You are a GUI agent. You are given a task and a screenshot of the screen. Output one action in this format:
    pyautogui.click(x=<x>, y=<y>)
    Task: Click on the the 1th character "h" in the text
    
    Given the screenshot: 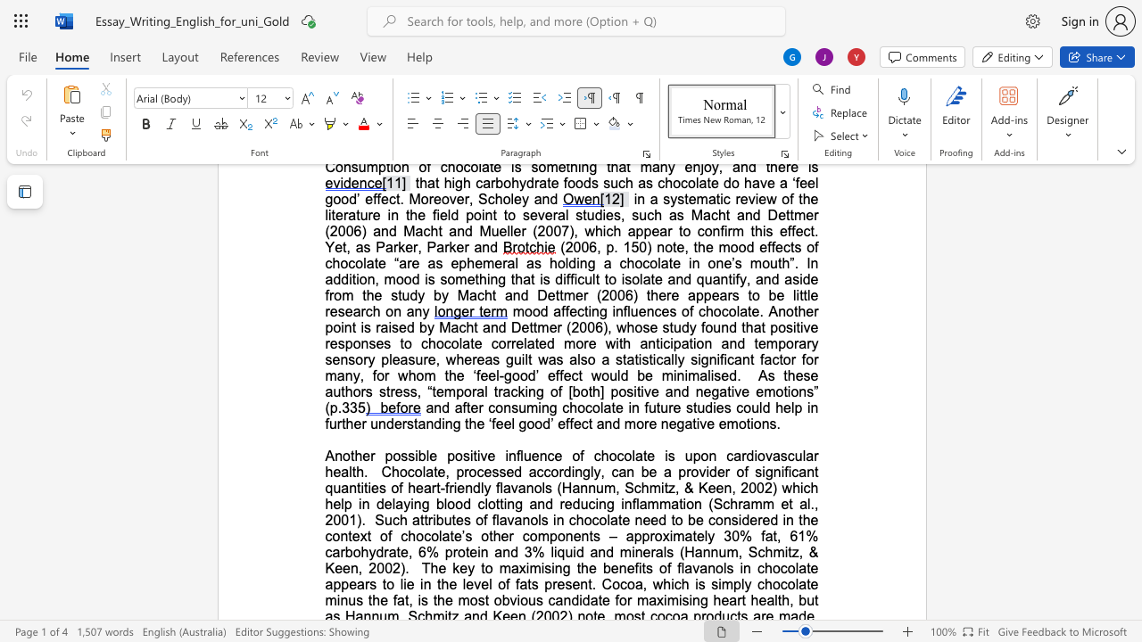 What is the action you would take?
    pyautogui.click(x=790, y=374)
    